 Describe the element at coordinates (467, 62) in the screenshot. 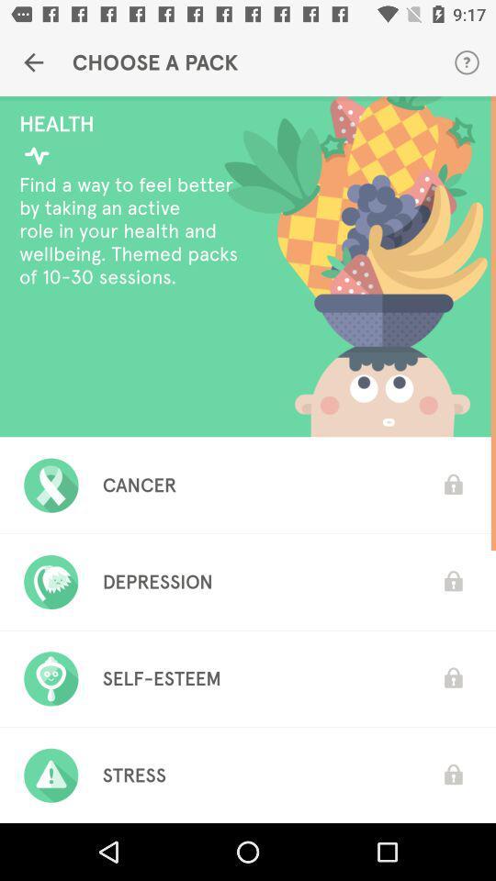

I see `the icon to the right of choose a pack item` at that location.